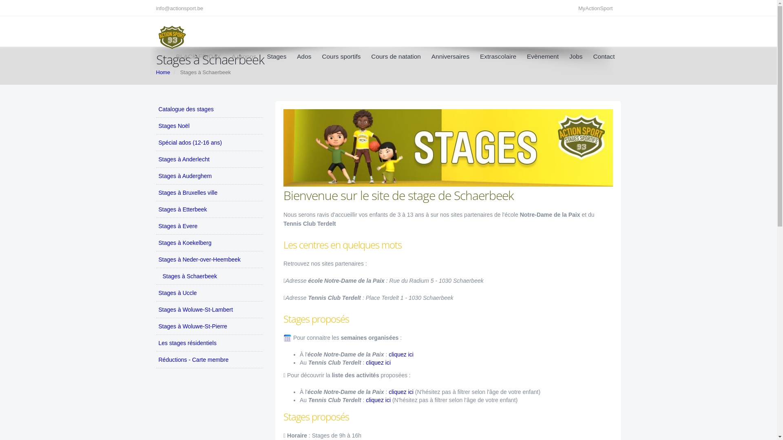 This screenshot has width=783, height=440. Describe the element at coordinates (243, 56) in the screenshot. I see `'A propos'` at that location.